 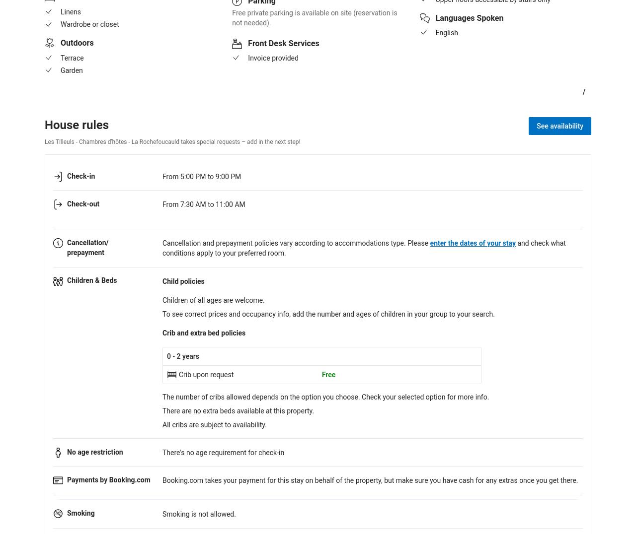 What do you see at coordinates (273, 57) in the screenshot?
I see `'Invoice provided'` at bounding box center [273, 57].